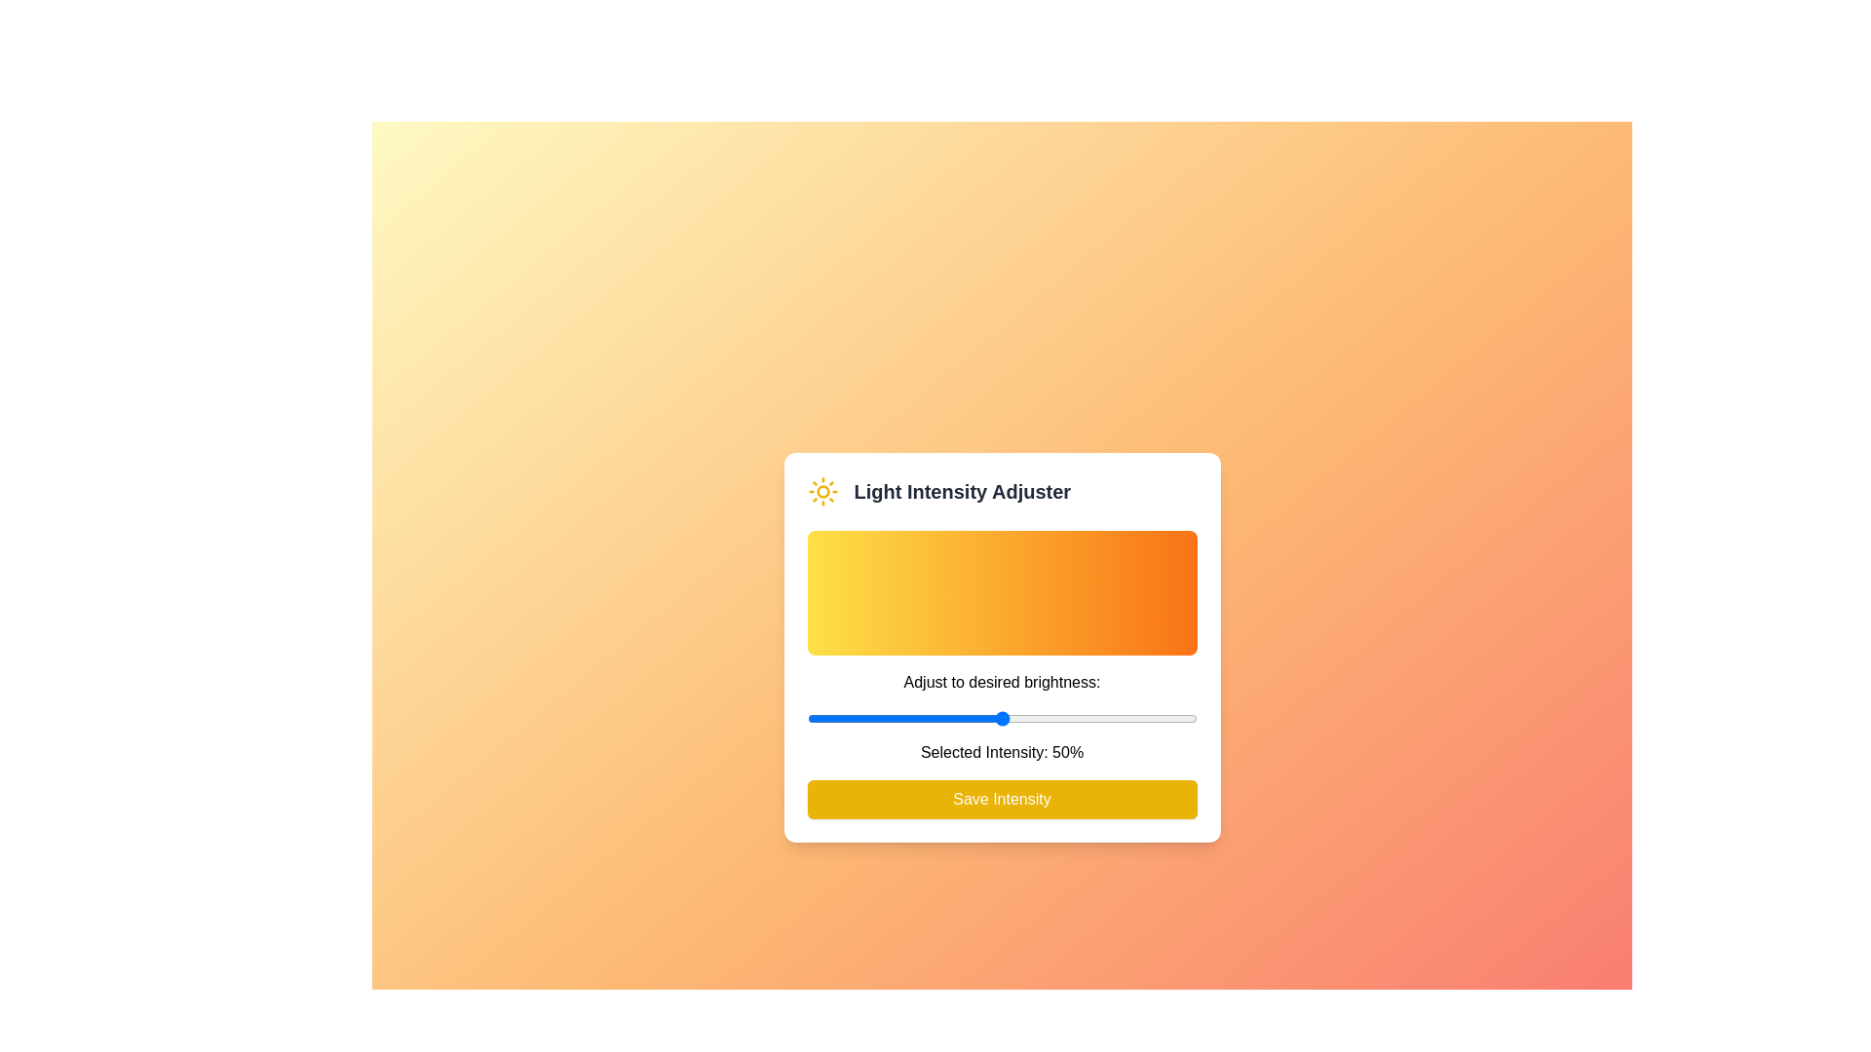 Image resolution: width=1871 pixels, height=1052 pixels. I want to click on the light intensity to 22% by dragging the slider, so click(892, 718).